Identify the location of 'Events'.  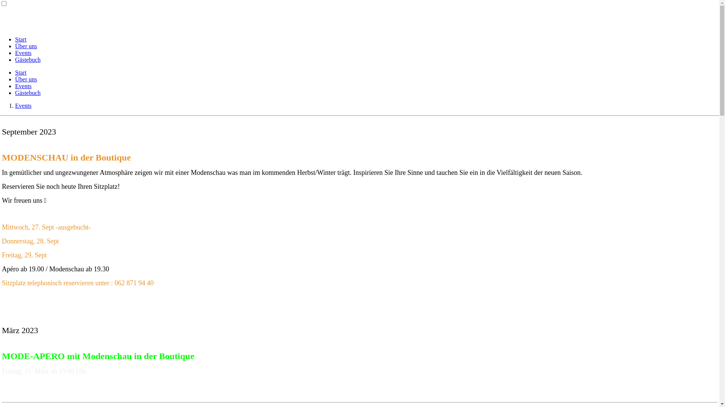
(15, 106).